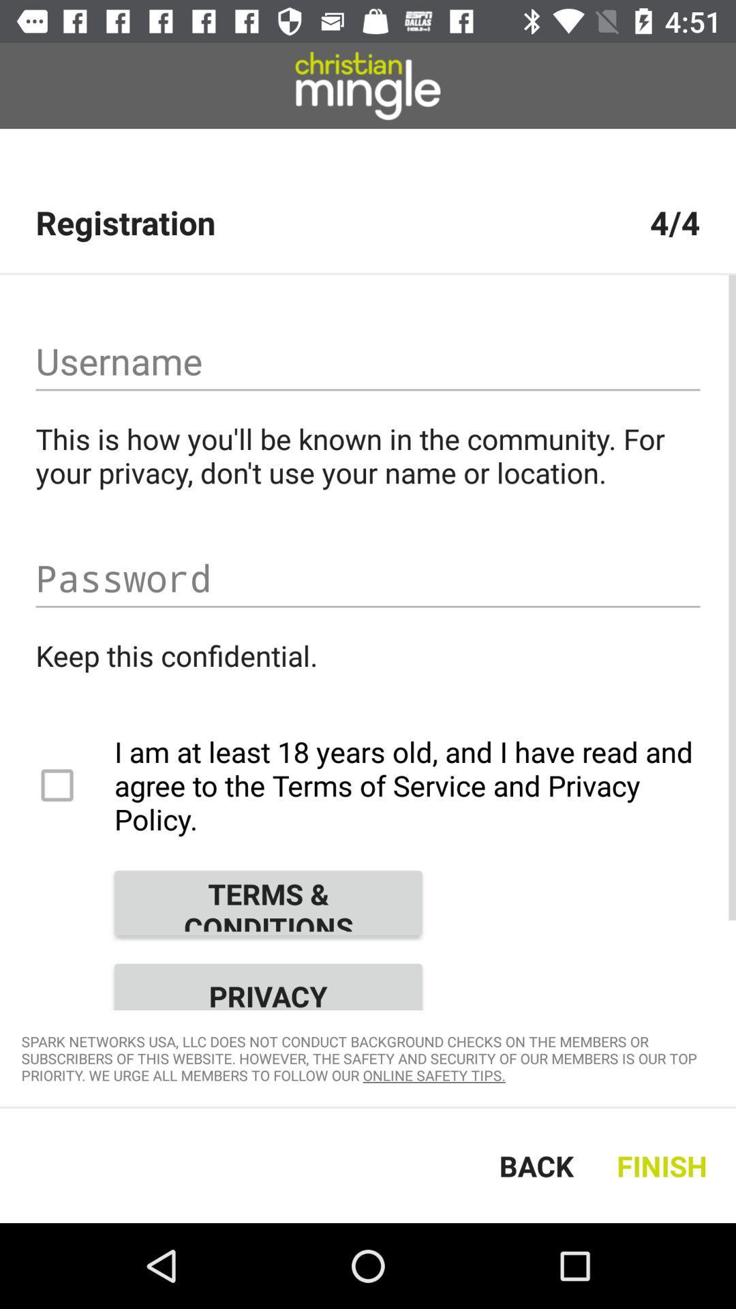 Image resolution: width=736 pixels, height=1309 pixels. Describe the element at coordinates (268, 903) in the screenshot. I see `the item above privacy` at that location.